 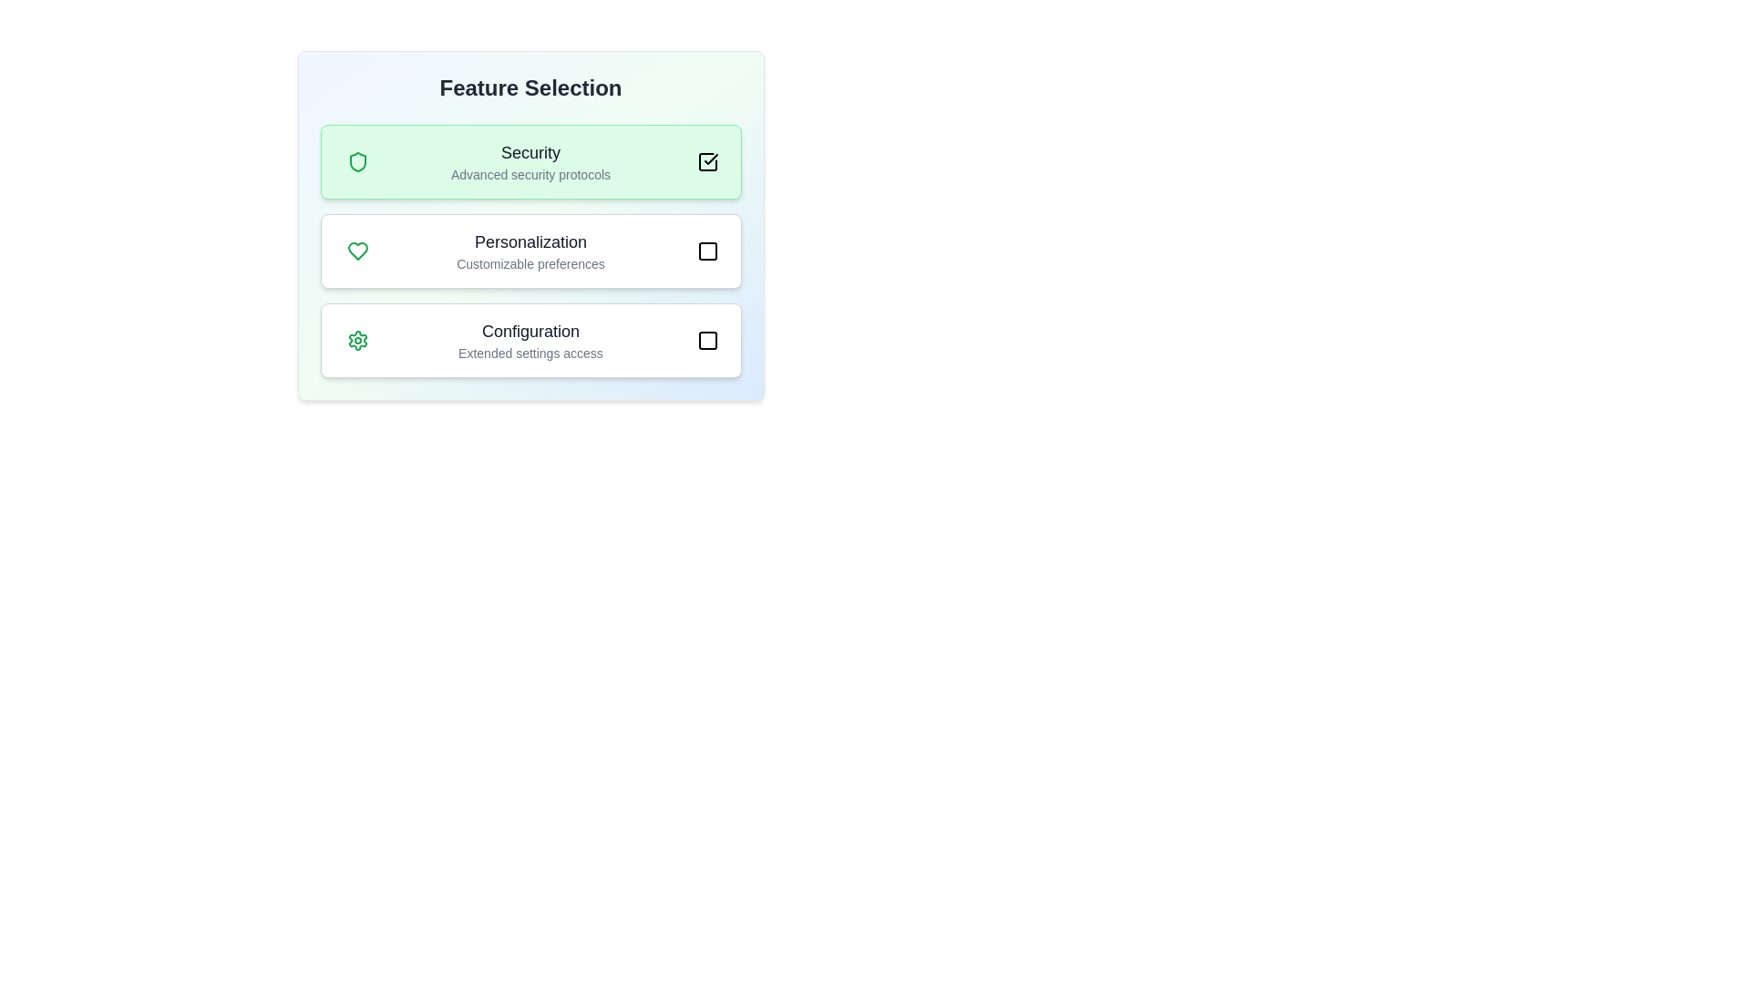 I want to click on the 'Security' icon, which is the first graphical indicator under the 'Feature Selection' header, so click(x=357, y=160).